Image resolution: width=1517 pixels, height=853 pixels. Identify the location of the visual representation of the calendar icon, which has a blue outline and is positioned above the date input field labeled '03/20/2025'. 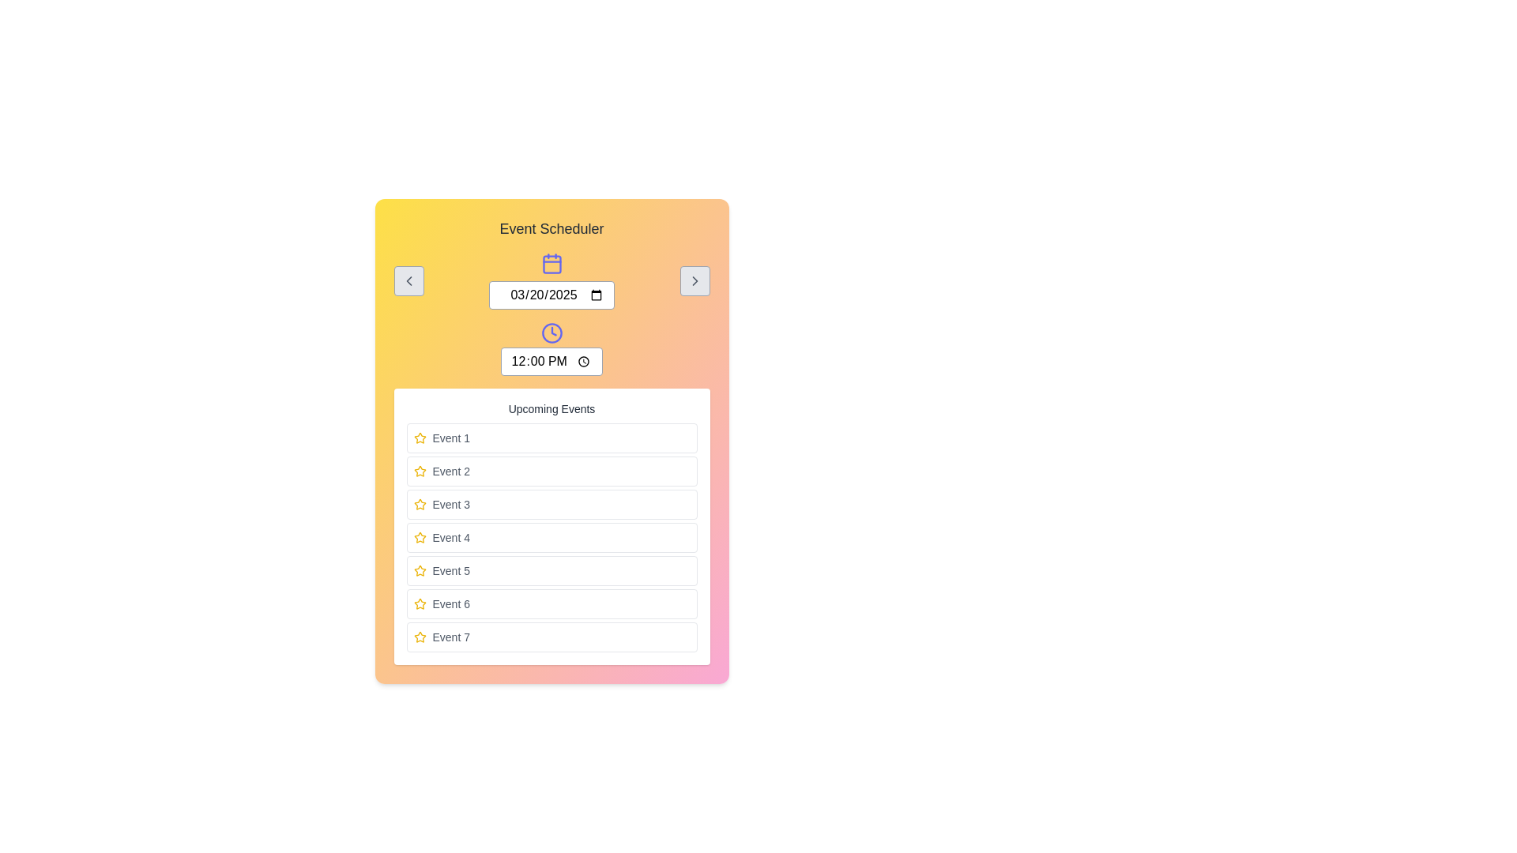
(551, 263).